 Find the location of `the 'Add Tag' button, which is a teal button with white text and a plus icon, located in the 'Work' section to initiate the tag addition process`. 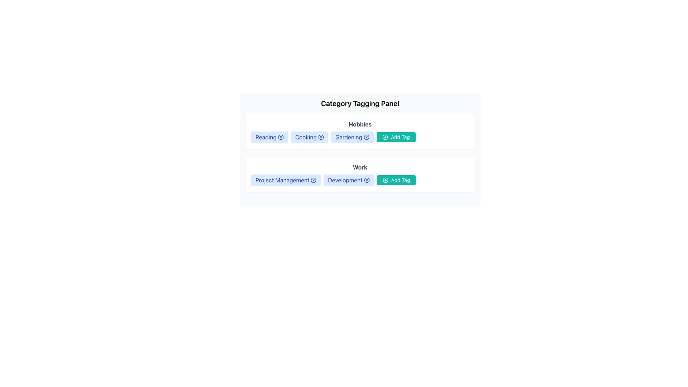

the 'Add Tag' button, which is a teal button with white text and a plus icon, located in the 'Work' section to initiate the tag addition process is located at coordinates (396, 180).